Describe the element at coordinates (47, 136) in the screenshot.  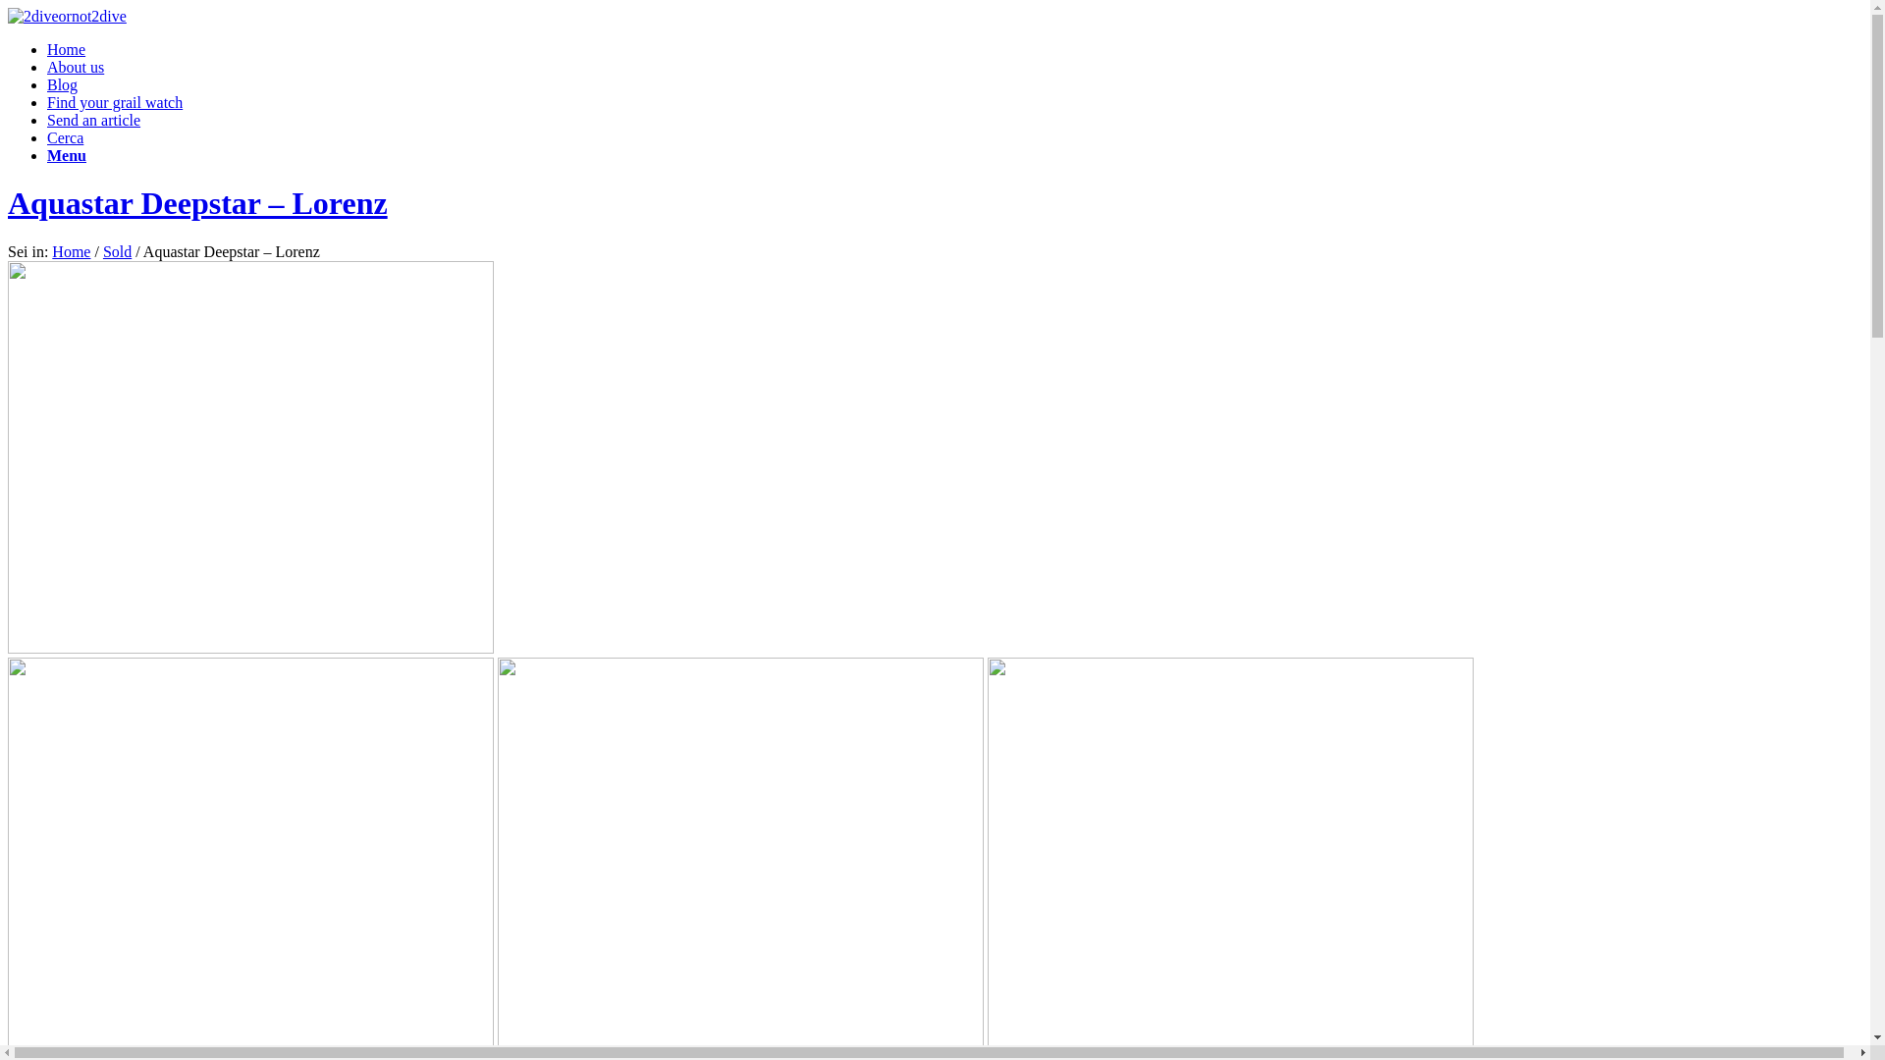
I see `'Cerca'` at that location.